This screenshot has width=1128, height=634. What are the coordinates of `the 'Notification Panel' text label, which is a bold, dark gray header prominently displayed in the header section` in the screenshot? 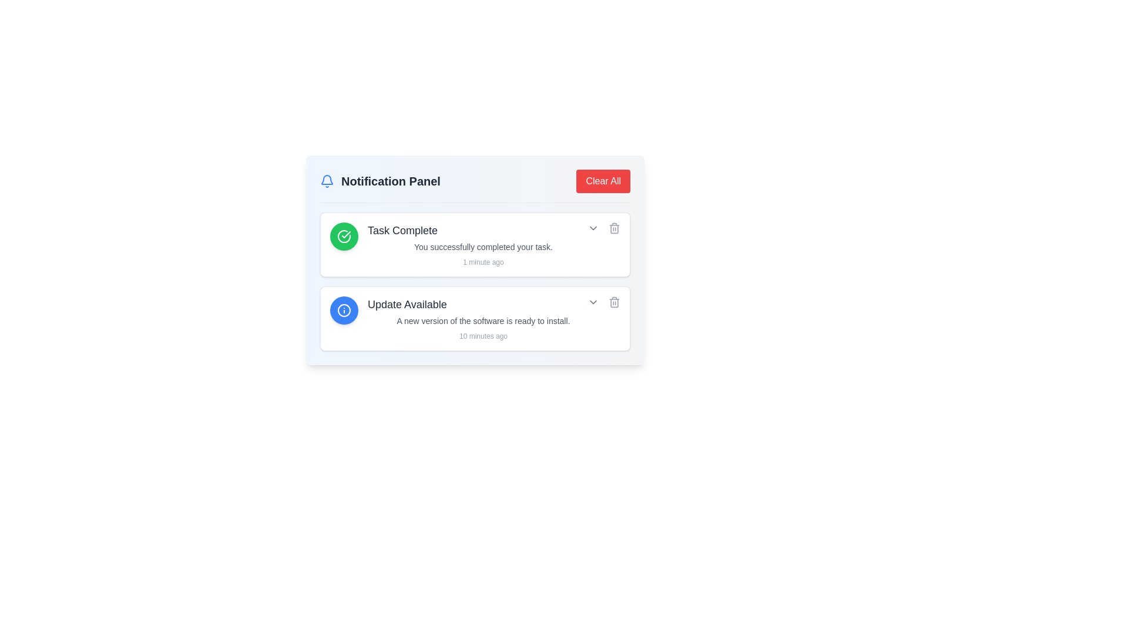 It's located at (391, 181).